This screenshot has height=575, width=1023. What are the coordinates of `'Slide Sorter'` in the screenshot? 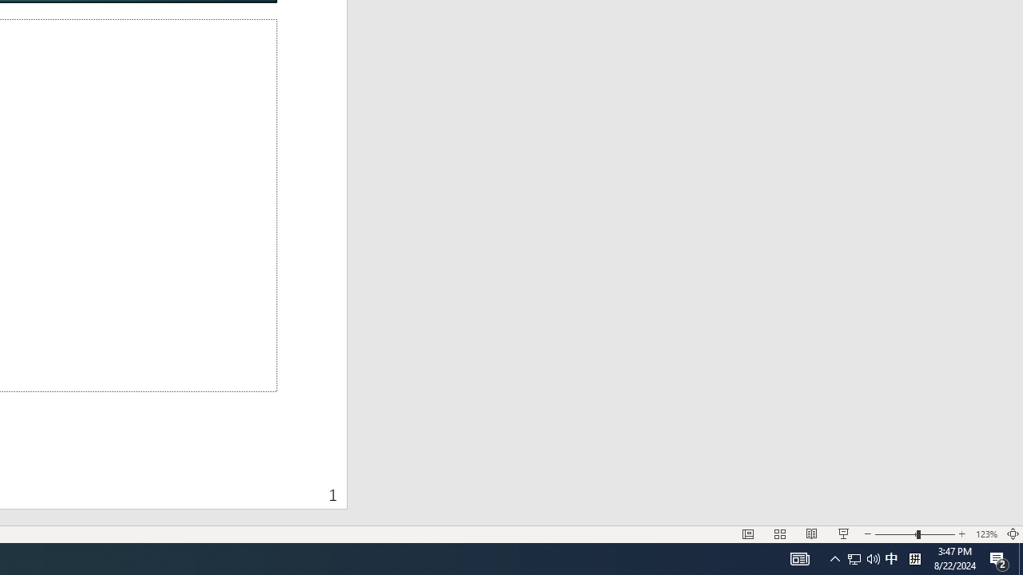 It's located at (780, 534).